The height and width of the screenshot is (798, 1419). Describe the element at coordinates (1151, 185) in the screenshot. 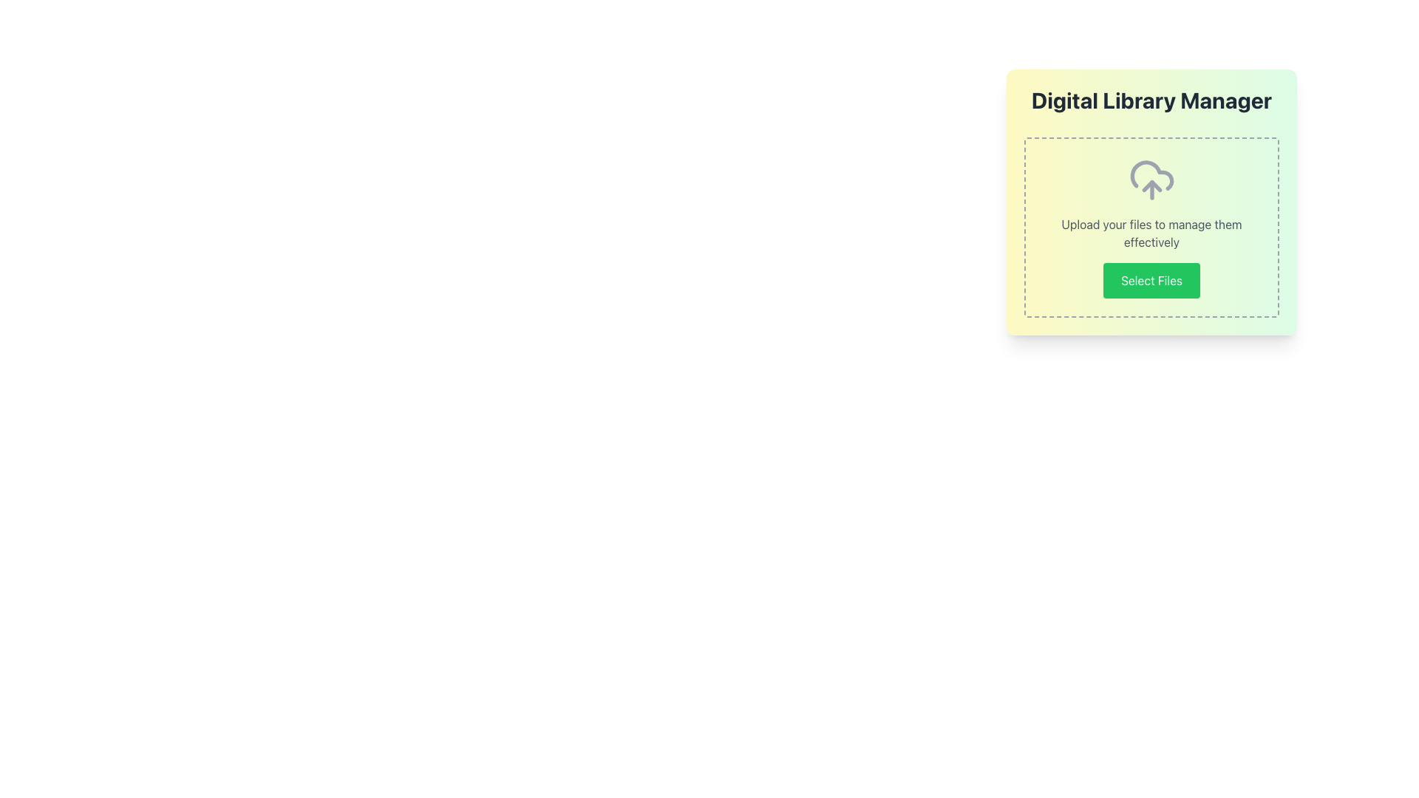

I see `the graphical upload icon, which is part of the cloud upload icon in the interface, located below the cloud interior and forming an upward arrow` at that location.